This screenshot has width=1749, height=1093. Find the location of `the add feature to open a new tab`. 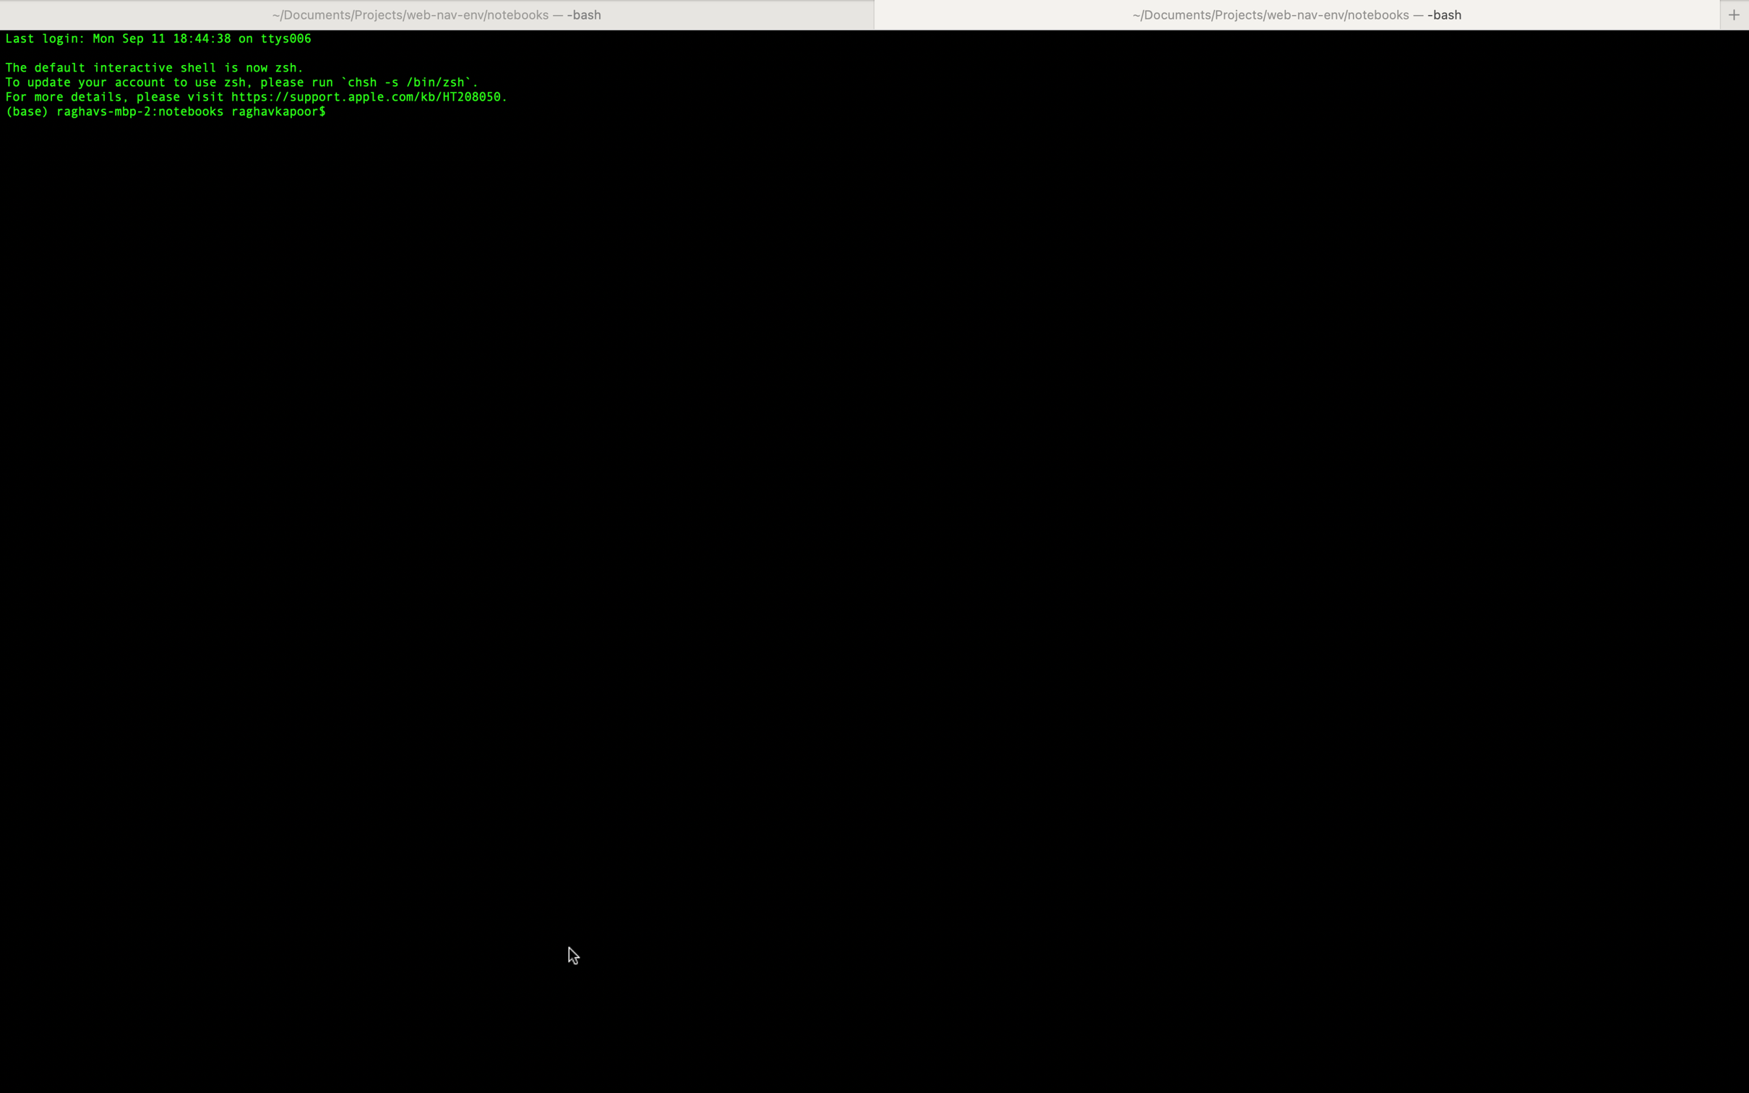

the add feature to open a new tab is located at coordinates (1735, 14).